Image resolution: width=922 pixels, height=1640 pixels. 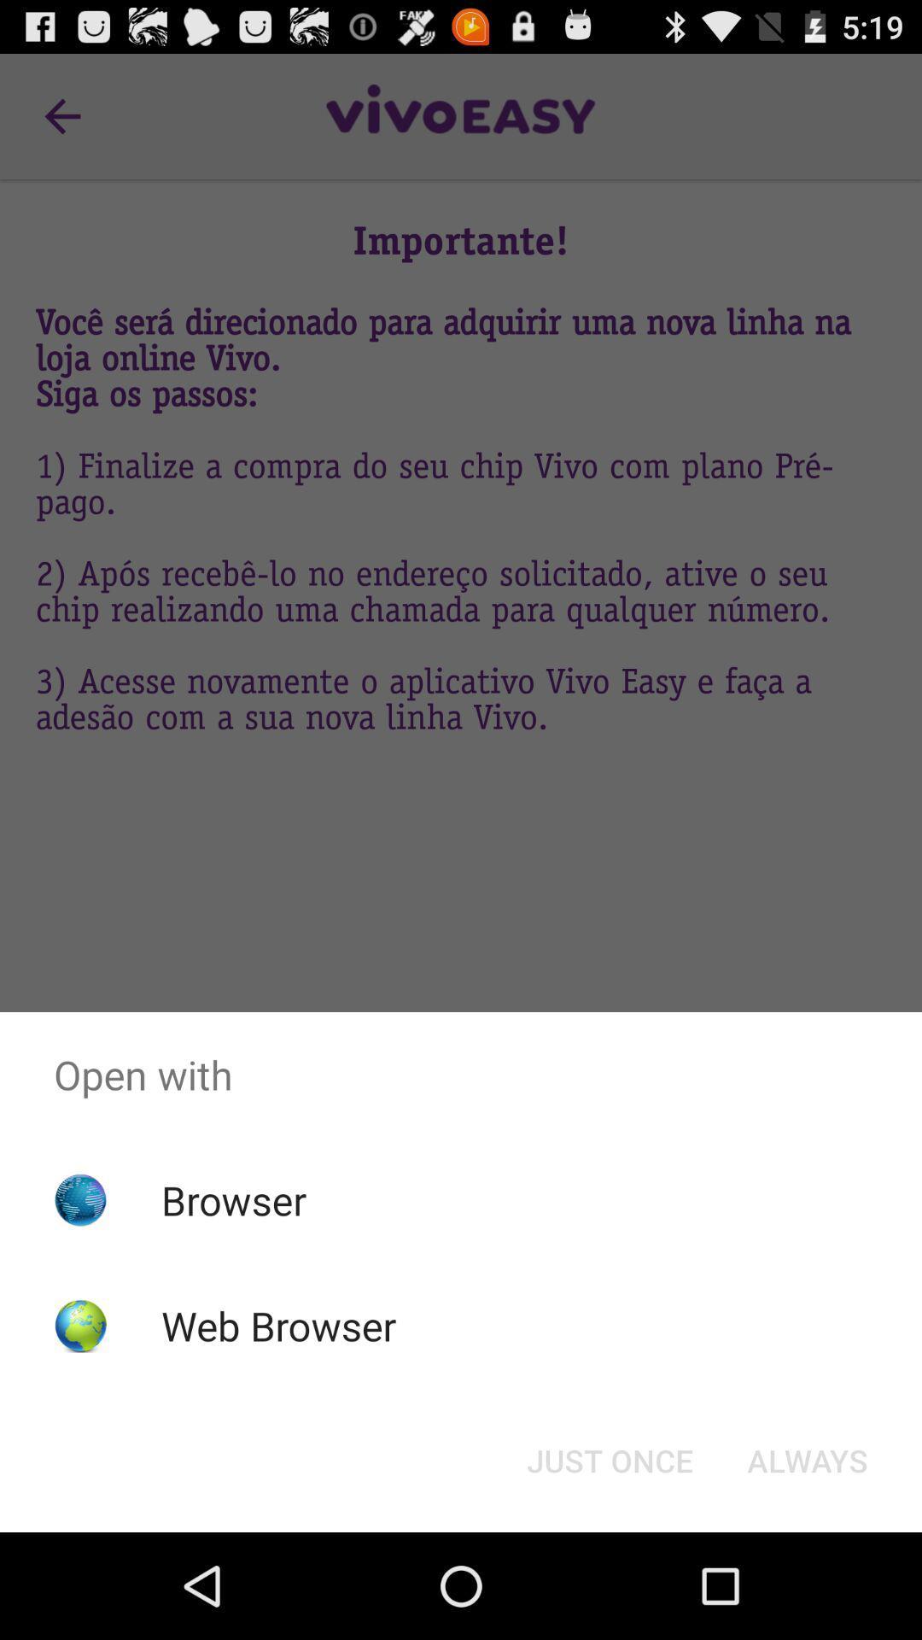 What do you see at coordinates (807, 1459) in the screenshot?
I see `icon at the bottom right corner` at bounding box center [807, 1459].